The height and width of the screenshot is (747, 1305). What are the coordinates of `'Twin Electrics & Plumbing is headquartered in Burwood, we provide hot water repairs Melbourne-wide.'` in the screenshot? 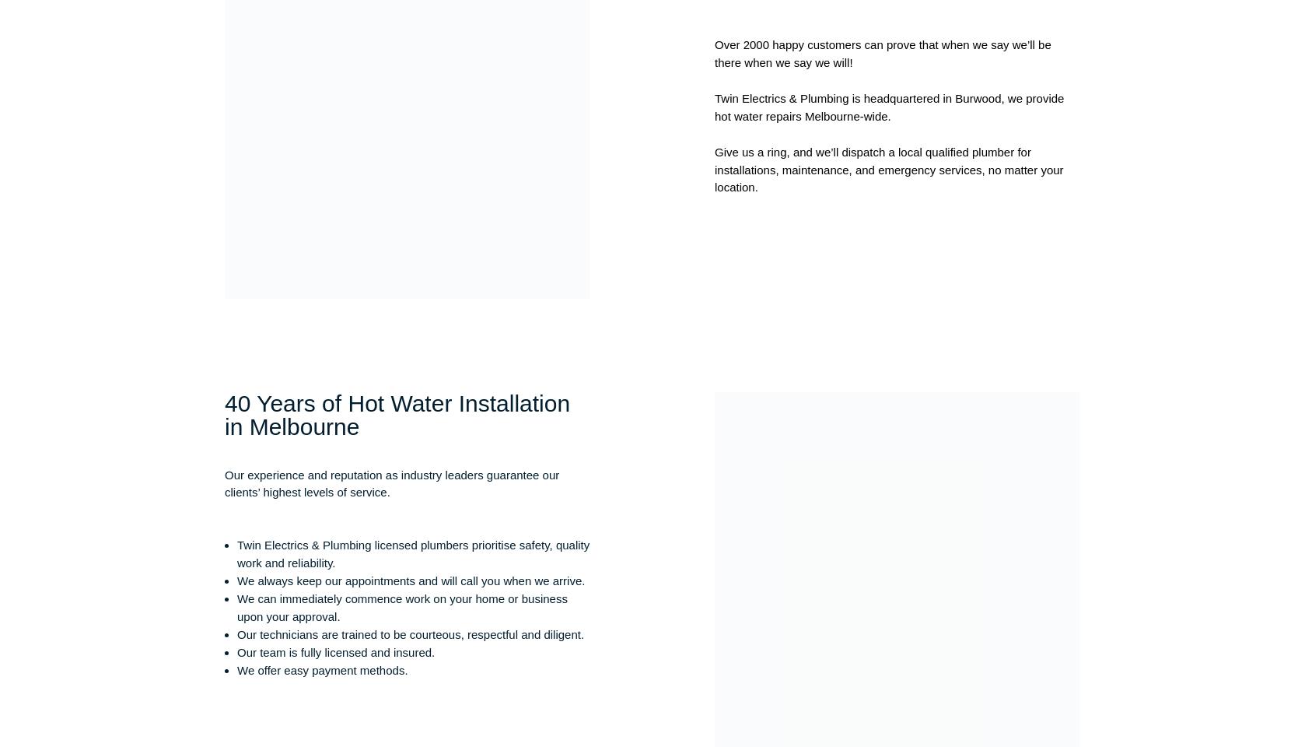 It's located at (715, 106).